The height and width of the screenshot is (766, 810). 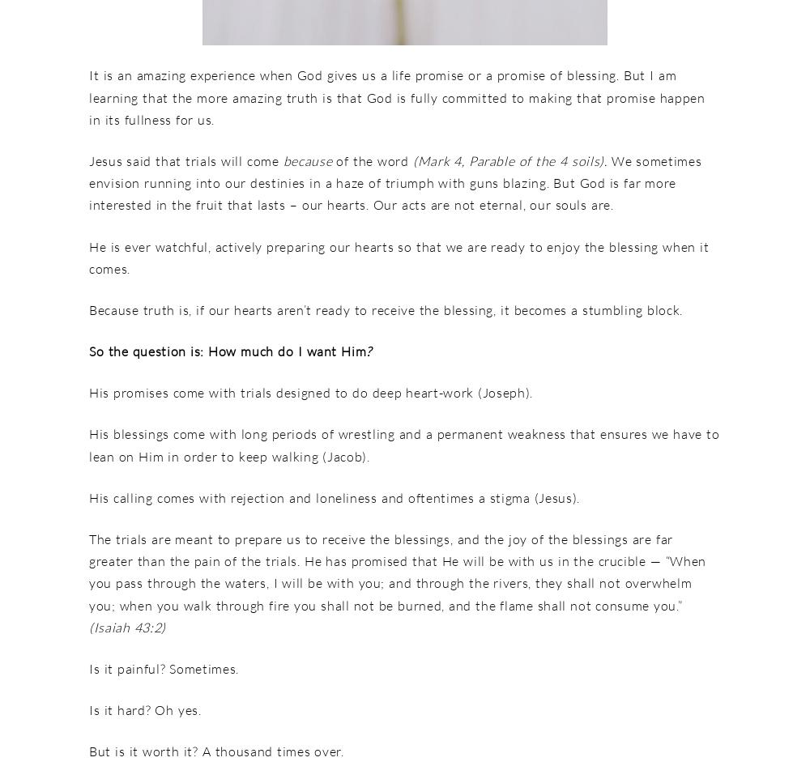 I want to click on '(Mark 4, Parable of the 4 soils).', so click(x=511, y=160).